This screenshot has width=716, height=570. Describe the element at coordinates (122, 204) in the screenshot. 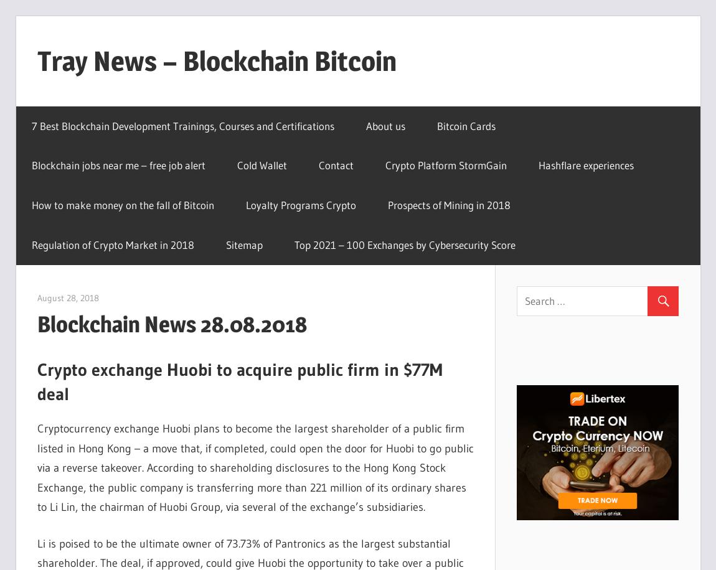

I see `'How to make money on the fall of Bitcoin'` at that location.